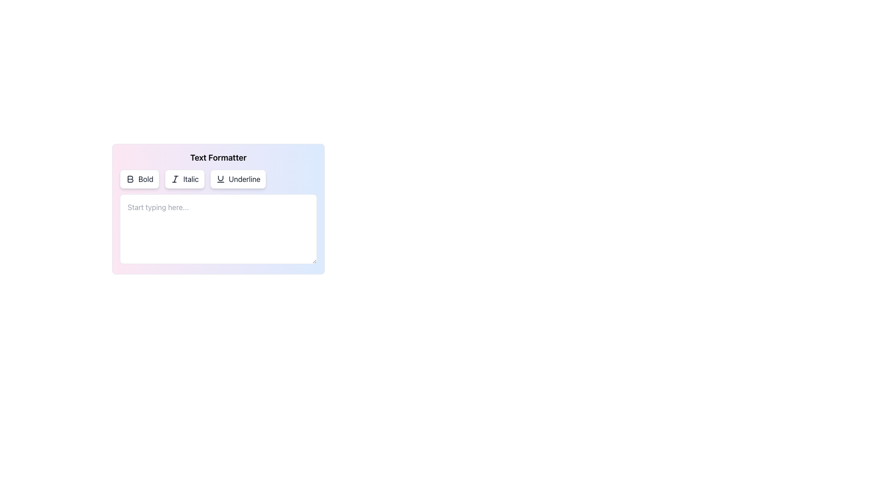  I want to click on the Bold button icon component located in the top-left corner of the text formatting panel to apply bold styling, so click(130, 179).